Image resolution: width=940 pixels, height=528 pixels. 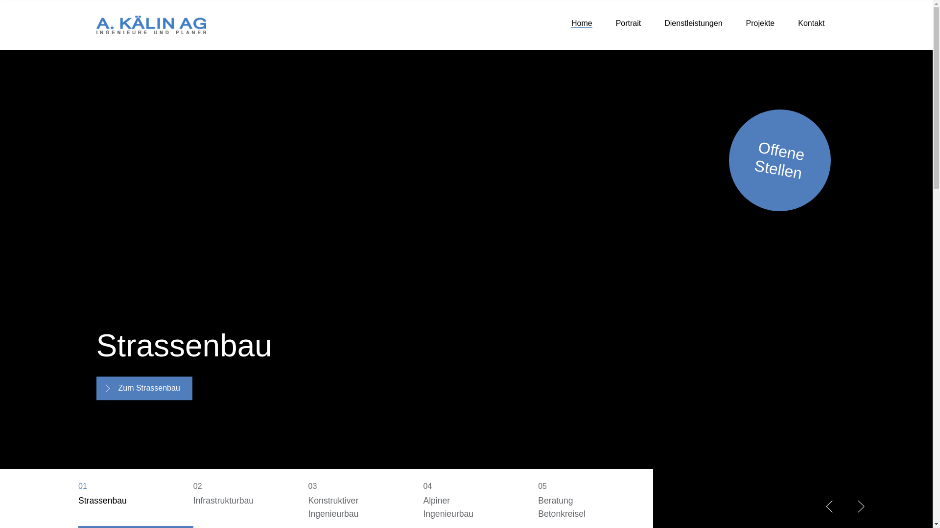 I want to click on 'Offene, so click(x=772, y=153).